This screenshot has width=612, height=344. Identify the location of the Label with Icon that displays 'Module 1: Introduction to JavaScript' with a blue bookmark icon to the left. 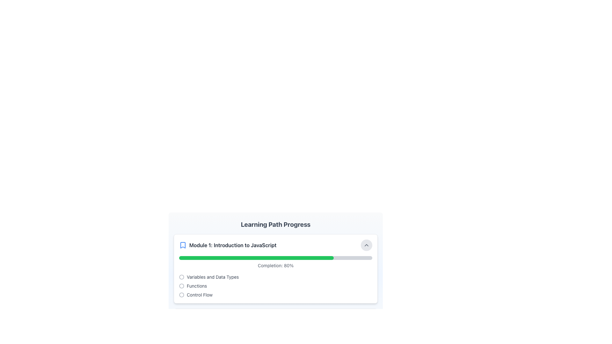
(228, 245).